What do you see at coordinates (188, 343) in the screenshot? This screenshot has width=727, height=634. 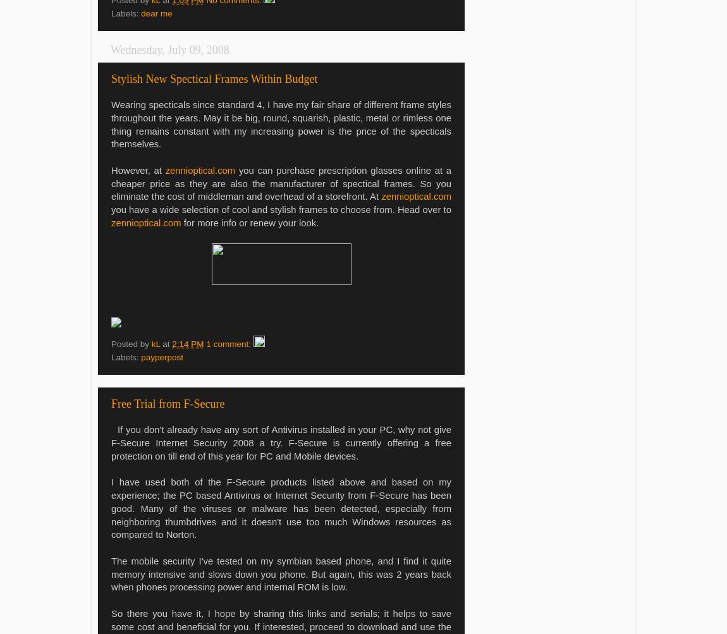 I see `'2:14 PM'` at bounding box center [188, 343].